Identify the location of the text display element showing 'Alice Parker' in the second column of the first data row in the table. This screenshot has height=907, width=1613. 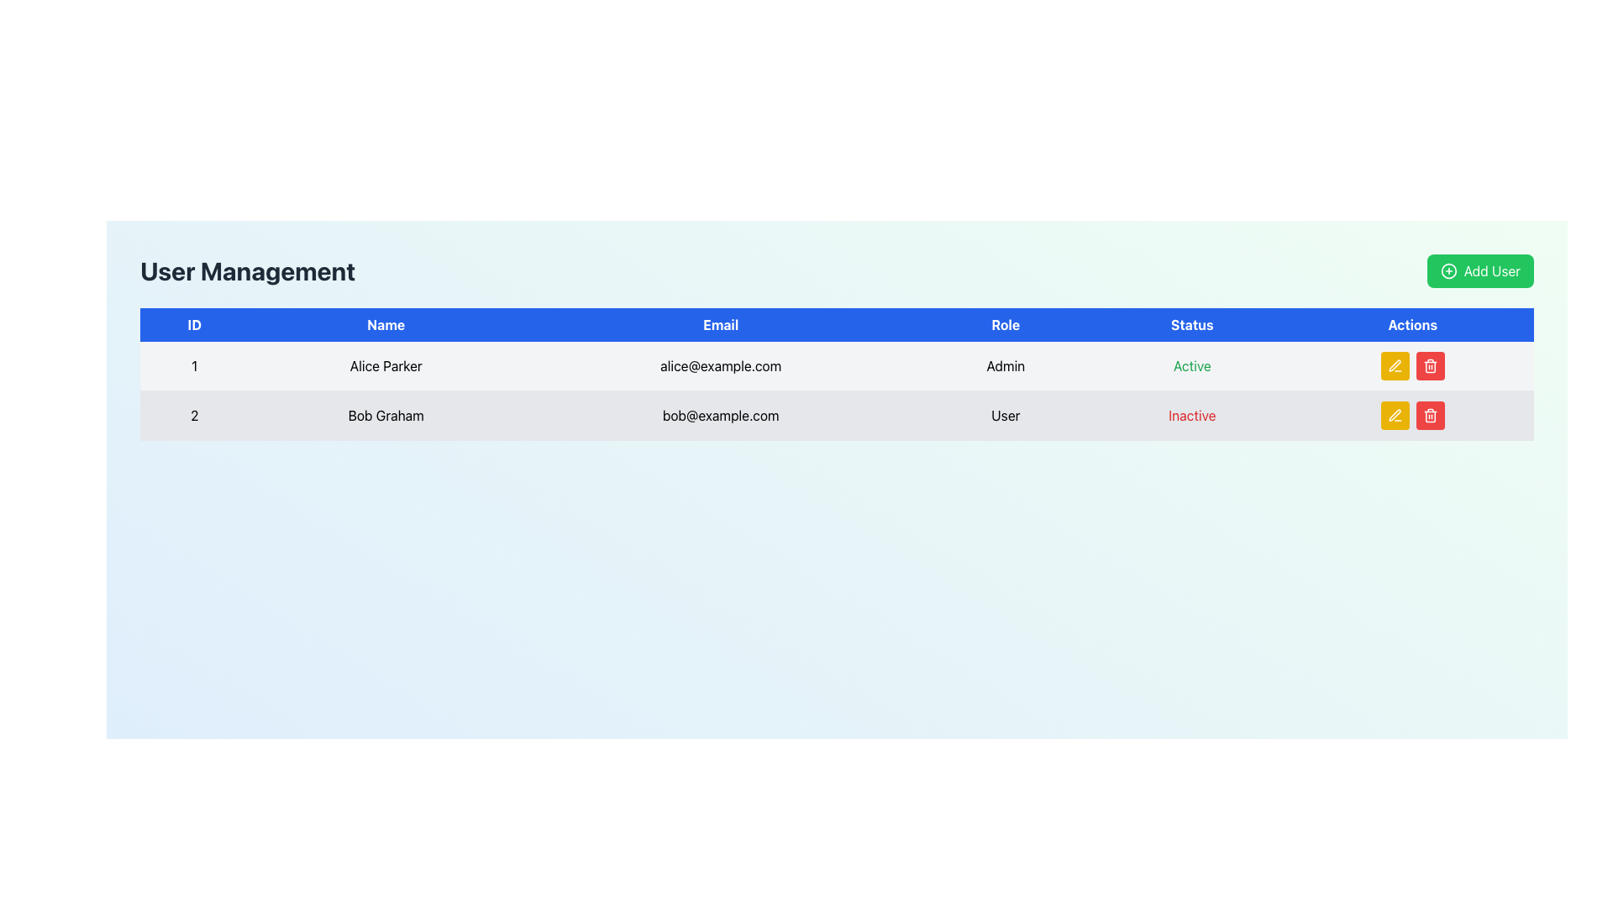
(385, 365).